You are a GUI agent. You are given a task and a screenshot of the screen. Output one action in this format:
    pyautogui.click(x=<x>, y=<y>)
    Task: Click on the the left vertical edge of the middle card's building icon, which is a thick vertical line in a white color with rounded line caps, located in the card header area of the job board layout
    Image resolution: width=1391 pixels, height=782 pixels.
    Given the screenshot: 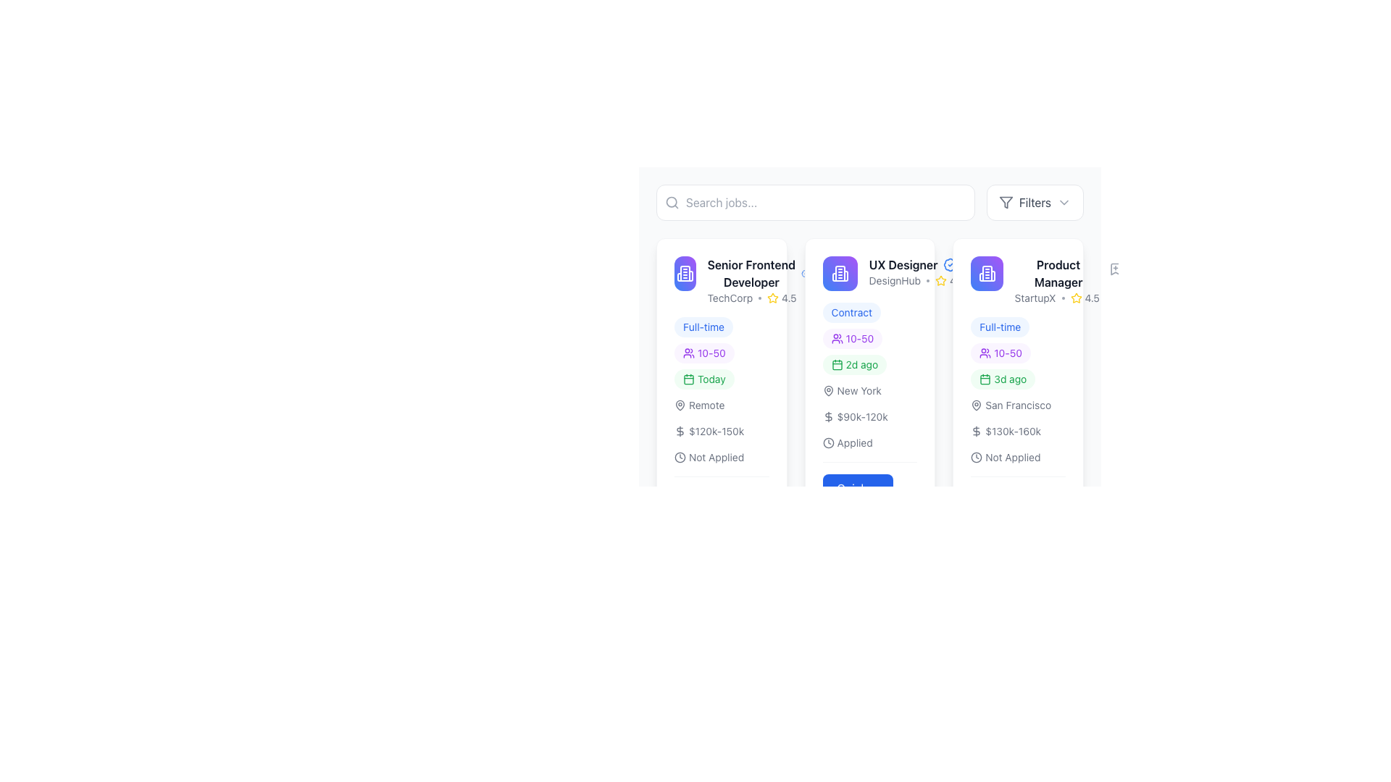 What is the action you would take?
    pyautogui.click(x=834, y=277)
    